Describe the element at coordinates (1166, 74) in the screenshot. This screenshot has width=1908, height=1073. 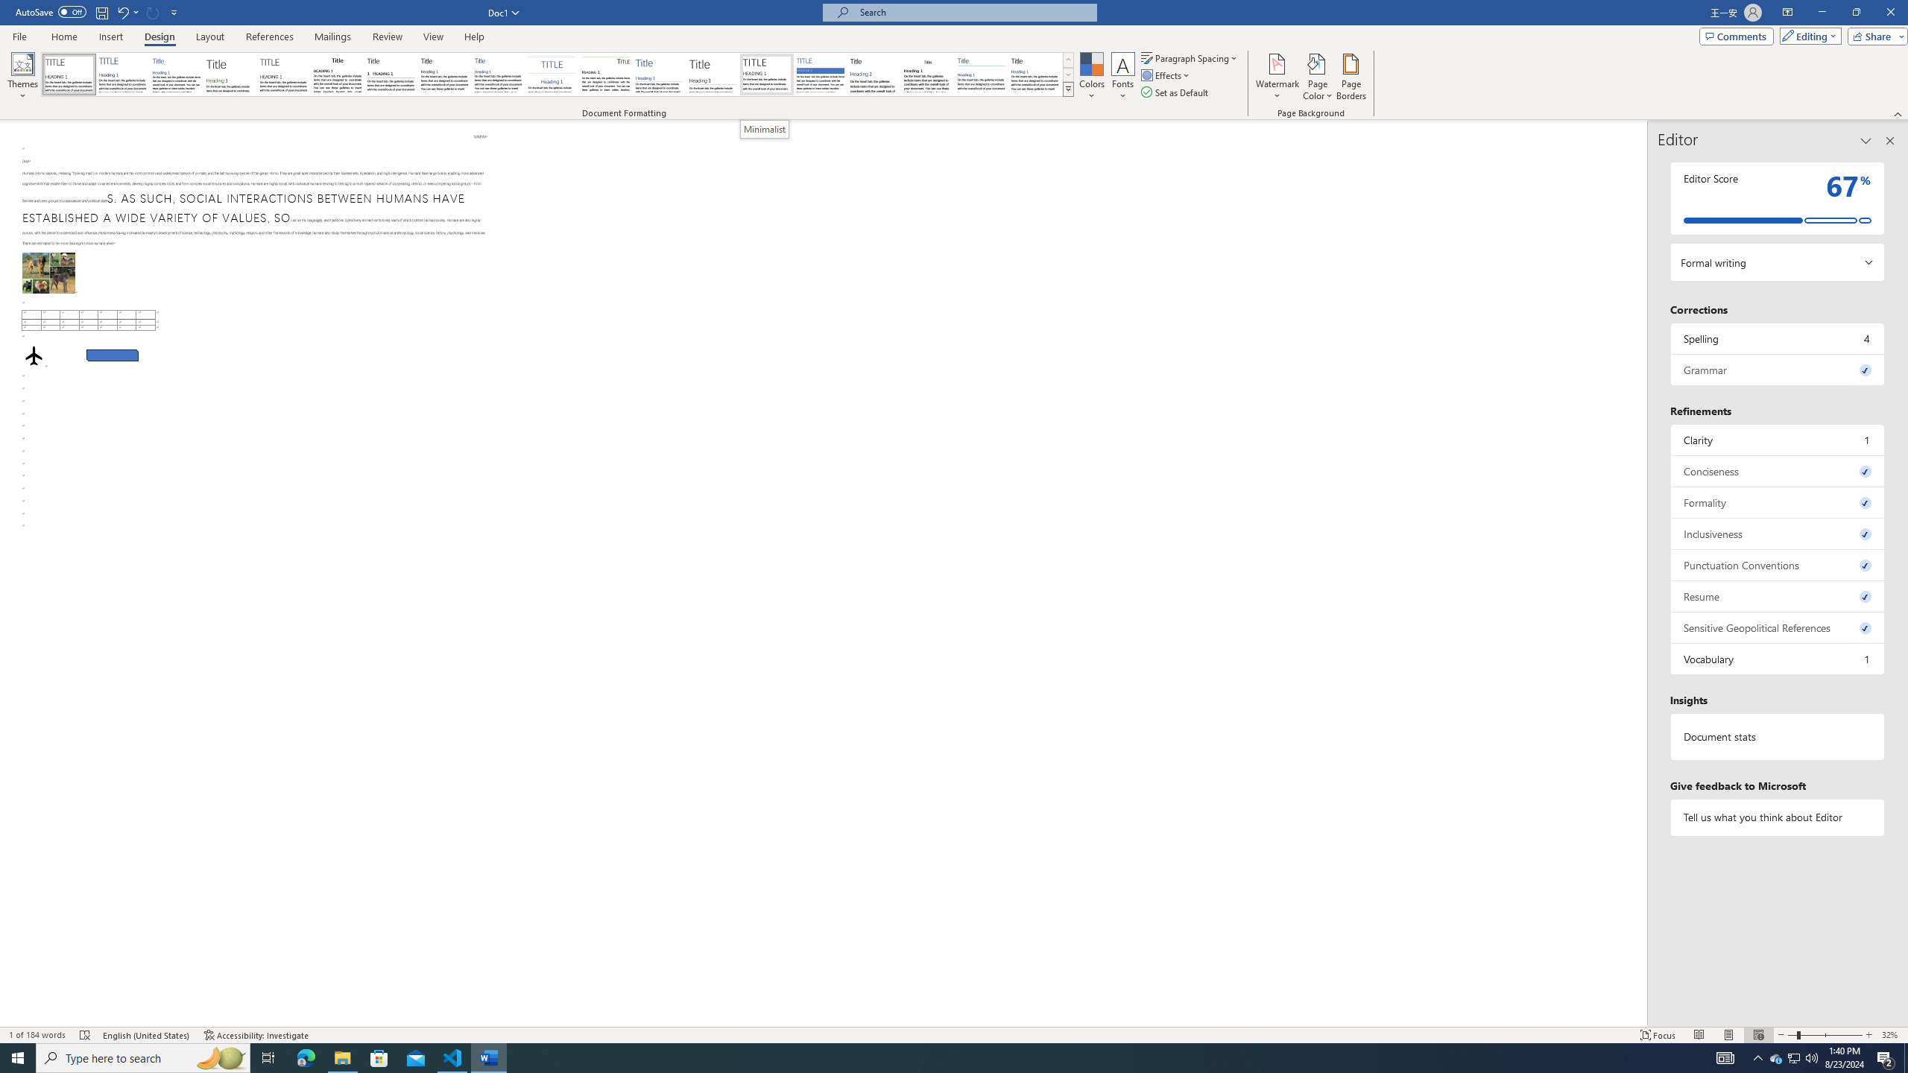
I see `'Effects'` at that location.